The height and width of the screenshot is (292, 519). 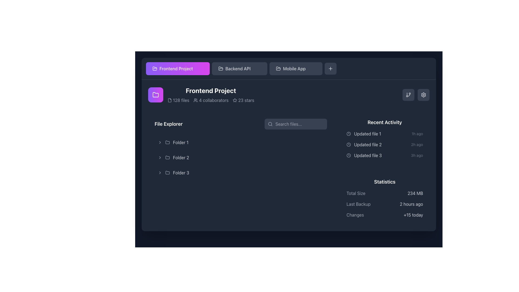 What do you see at coordinates (349, 144) in the screenshot?
I see `the circular outline of the clock icon, which is part of the recent activities section of the interface` at bounding box center [349, 144].